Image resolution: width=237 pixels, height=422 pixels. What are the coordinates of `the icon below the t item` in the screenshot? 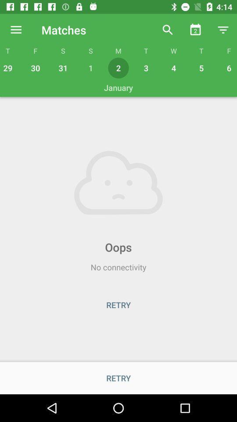 It's located at (201, 67).